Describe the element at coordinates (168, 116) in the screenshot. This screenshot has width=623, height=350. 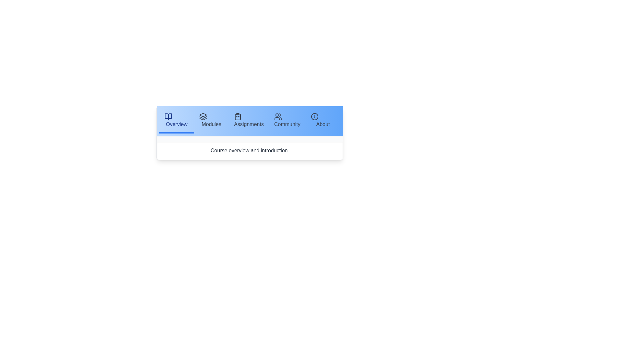
I see `the leftmost icon in the top navigation bar that represents the 'Overview' section` at that location.